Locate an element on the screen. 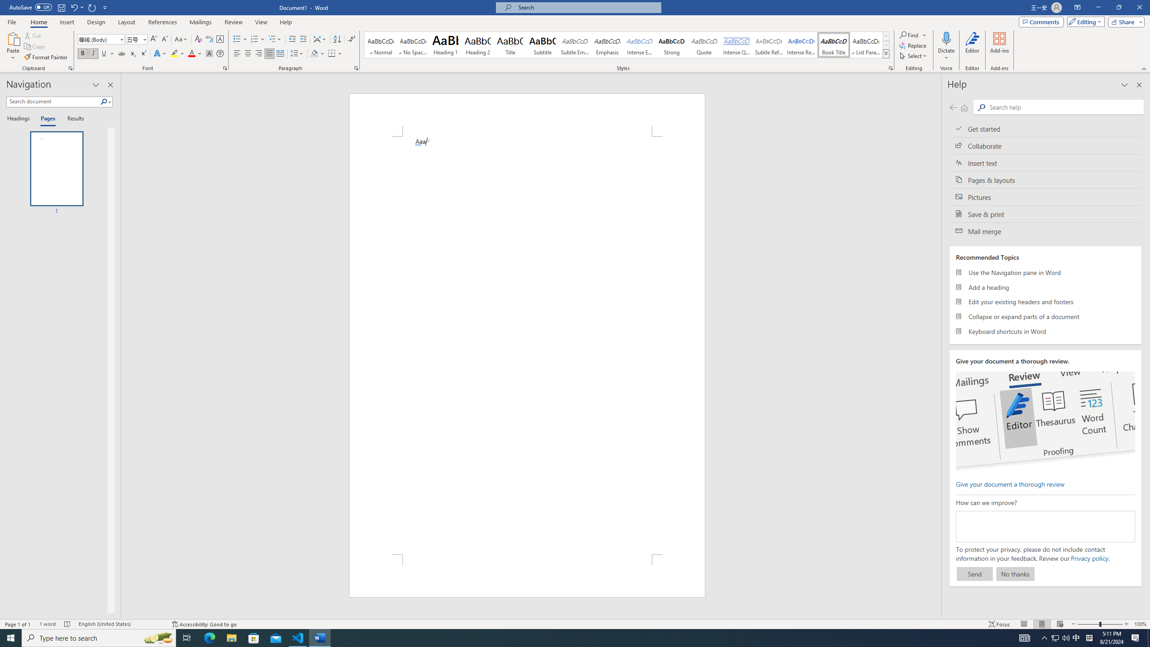 The width and height of the screenshot is (1150, 647). 'Pictures' is located at coordinates (1045, 197).